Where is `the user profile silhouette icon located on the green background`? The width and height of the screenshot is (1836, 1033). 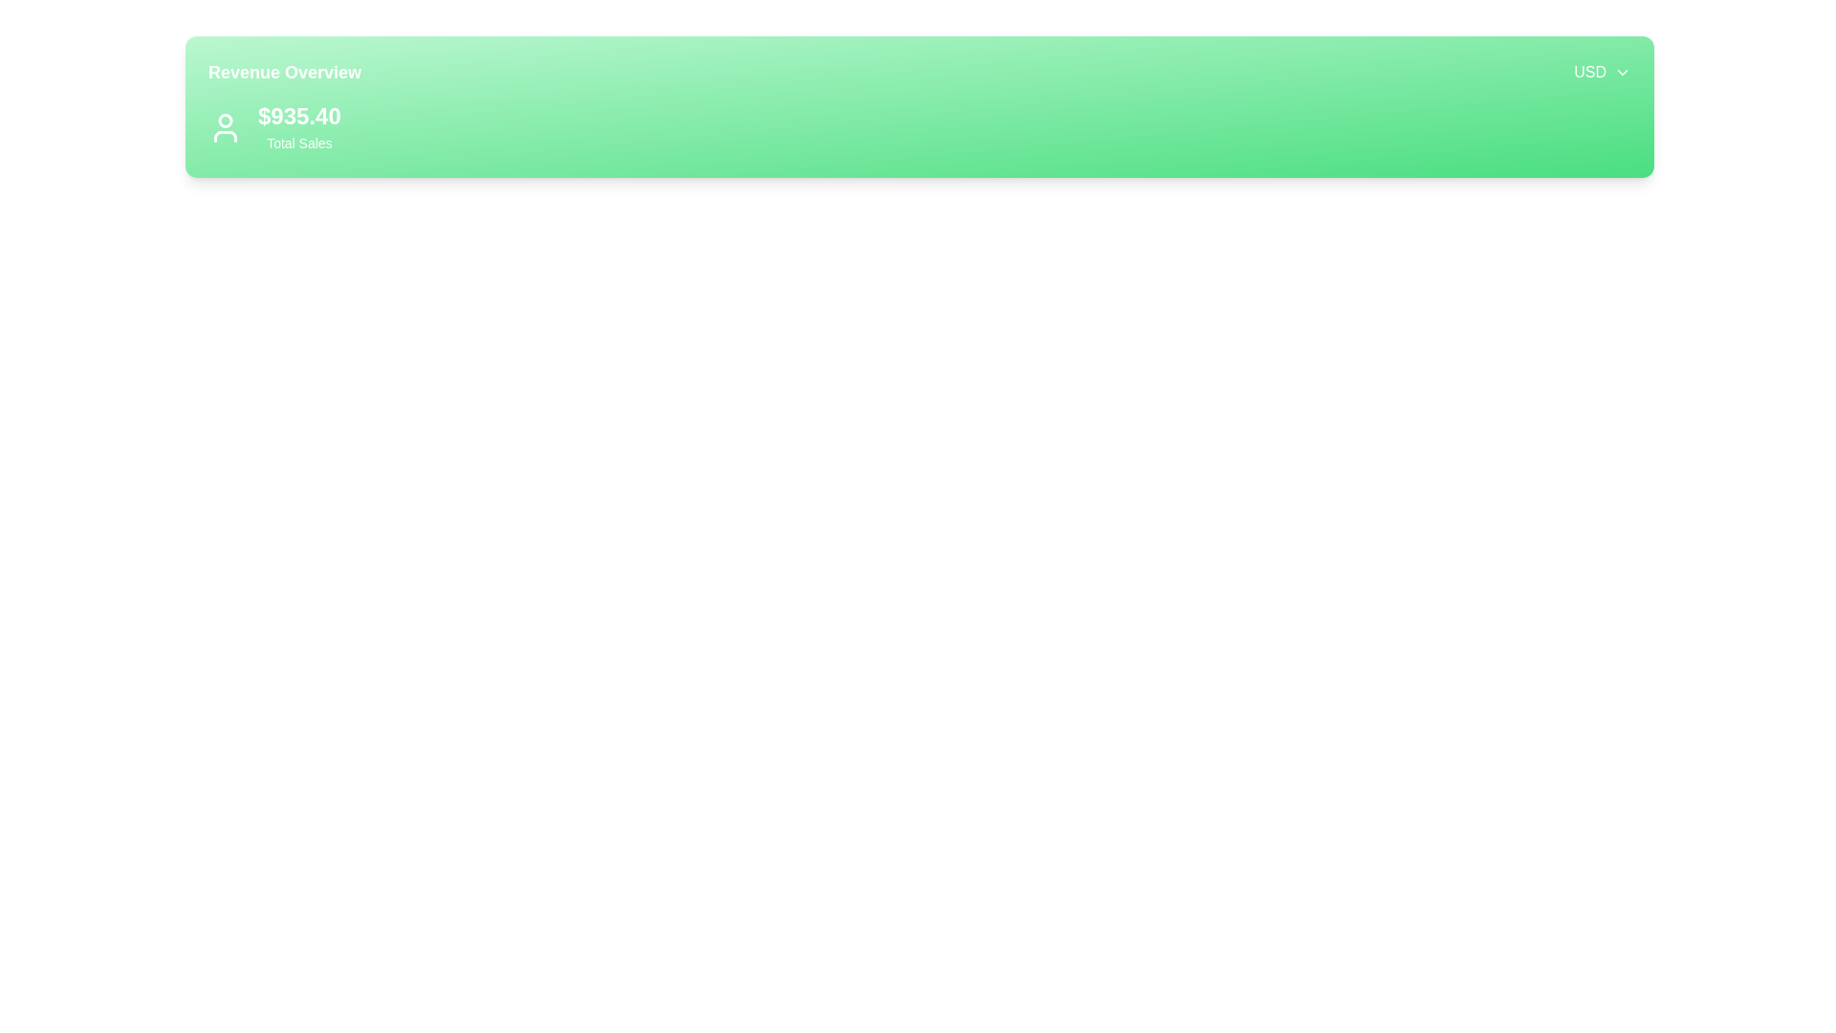
the user profile silhouette icon located on the green background is located at coordinates (225, 128).